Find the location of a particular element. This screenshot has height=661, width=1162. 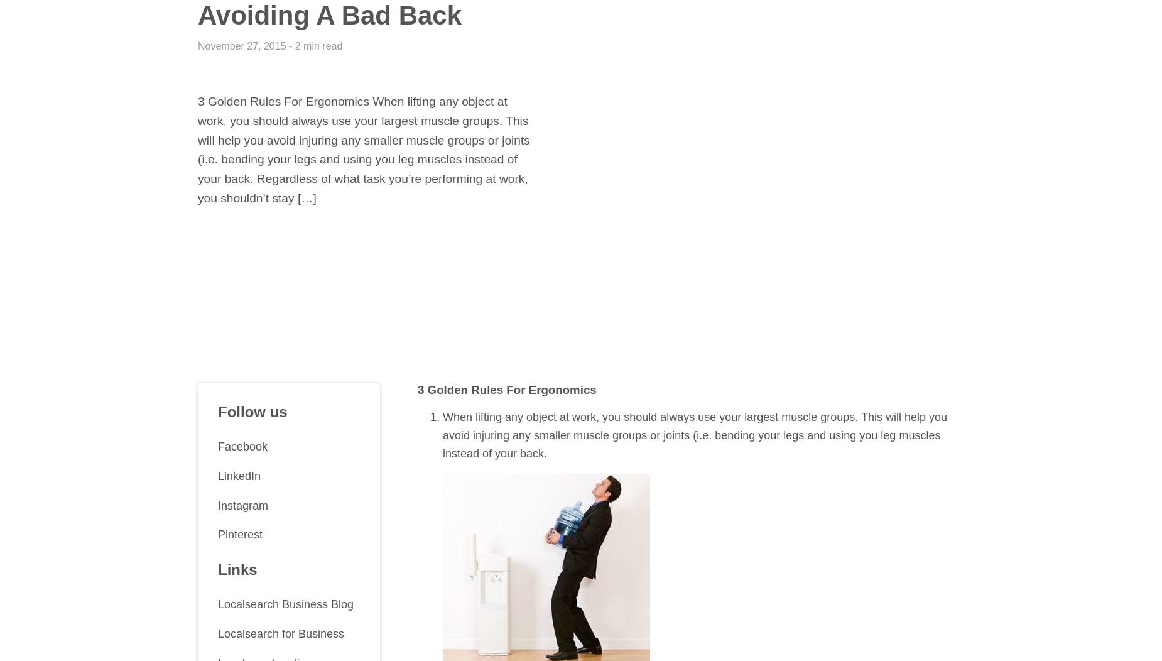

'Facebook' is located at coordinates (242, 447).